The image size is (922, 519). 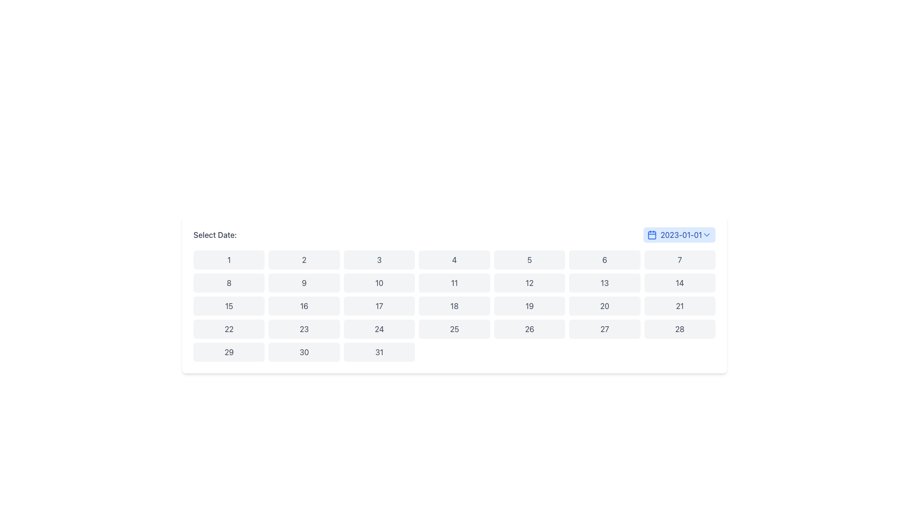 I want to click on the button representing the 10th day of the month in the calendar interface, so click(x=379, y=283).